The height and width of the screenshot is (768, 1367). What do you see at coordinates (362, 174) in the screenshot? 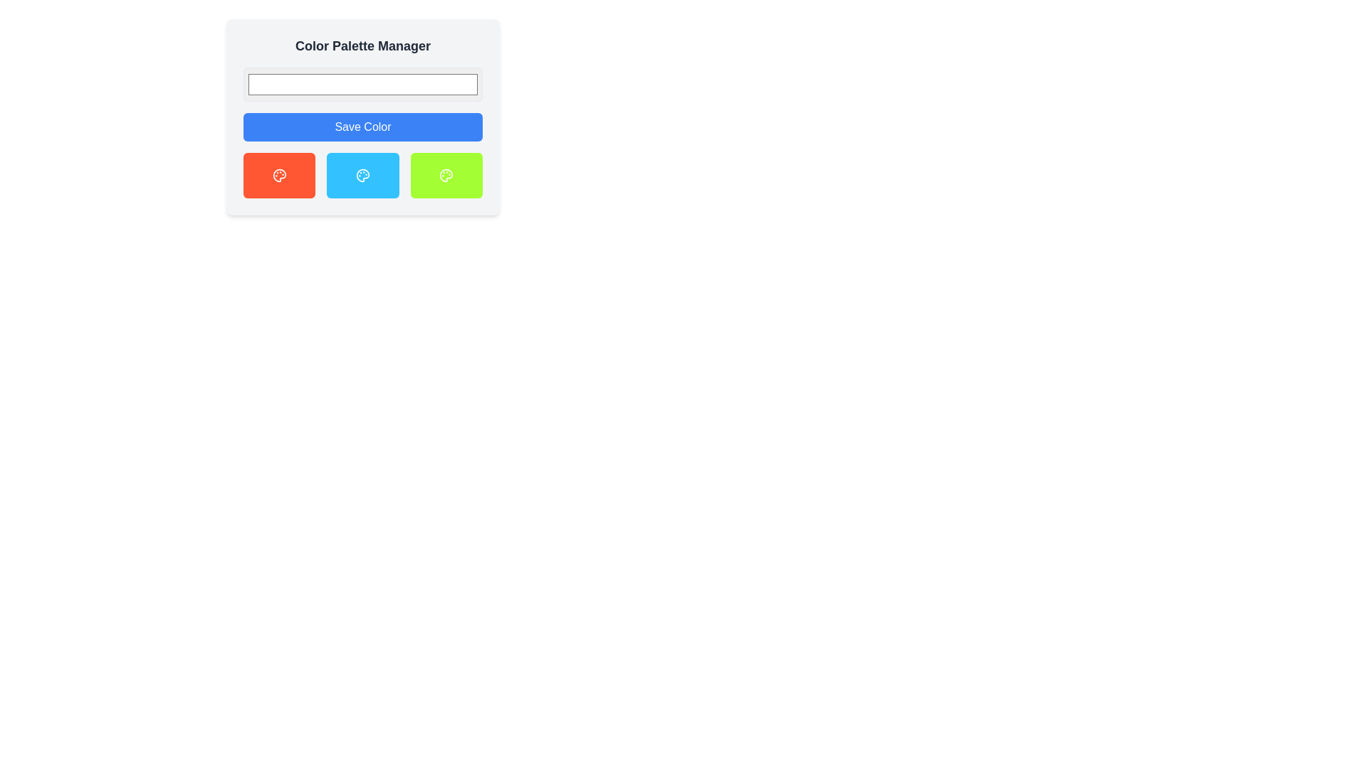
I see `the color selection element, which is a rectangular blue area with rounded corners and a centered palette icon, located` at bounding box center [362, 174].